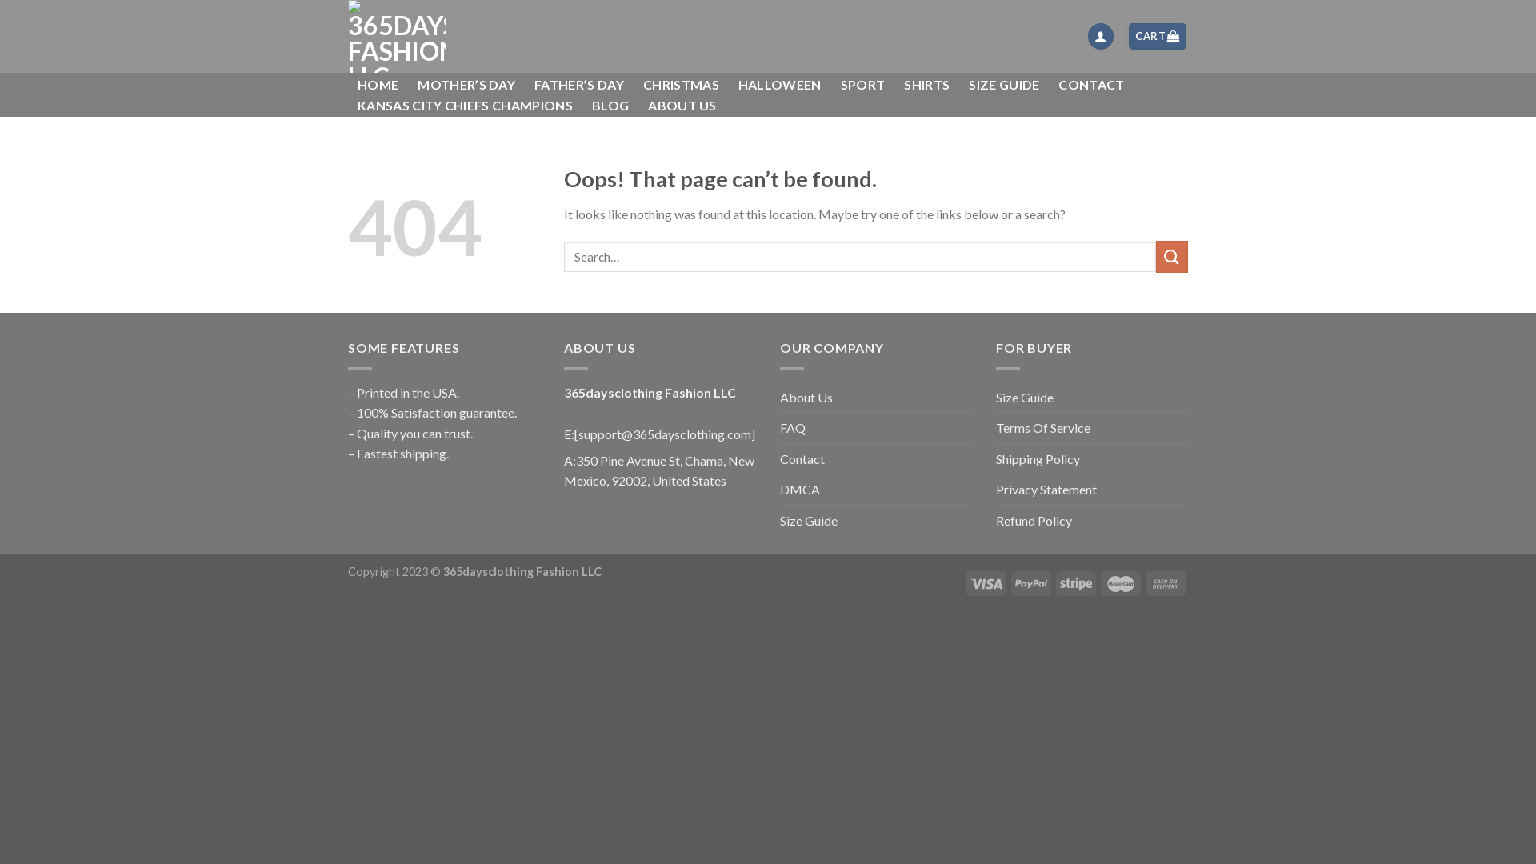 The image size is (1536, 864). I want to click on 'SPORT', so click(830, 84).